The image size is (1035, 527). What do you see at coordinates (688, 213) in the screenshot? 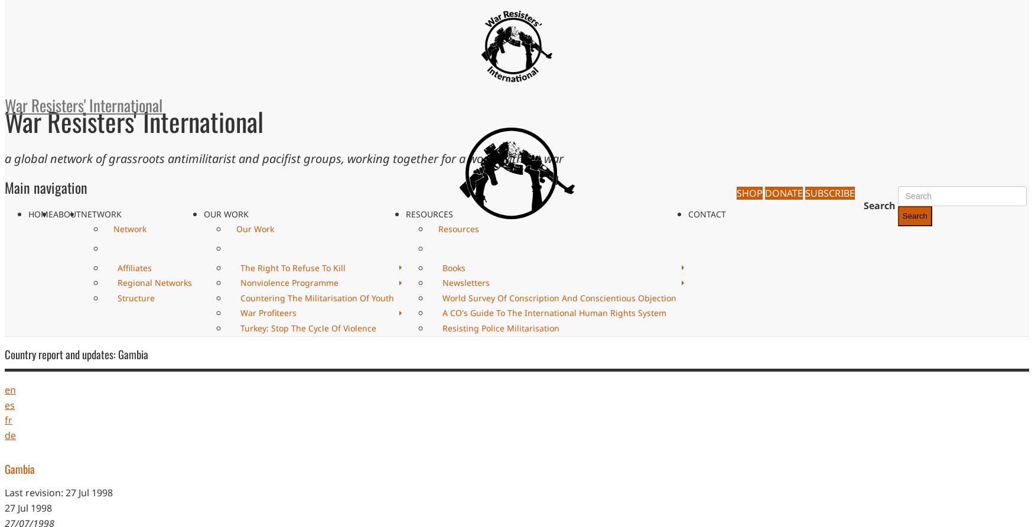
I see `'Contact'` at bounding box center [688, 213].